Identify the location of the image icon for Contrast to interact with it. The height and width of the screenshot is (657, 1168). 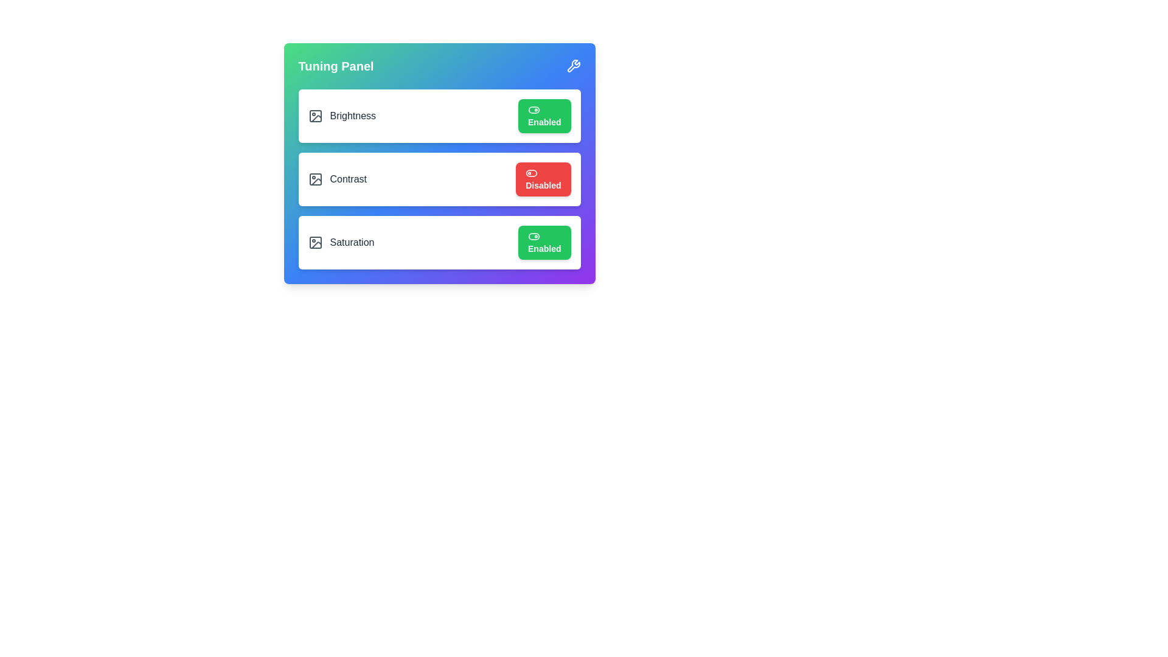
(315, 179).